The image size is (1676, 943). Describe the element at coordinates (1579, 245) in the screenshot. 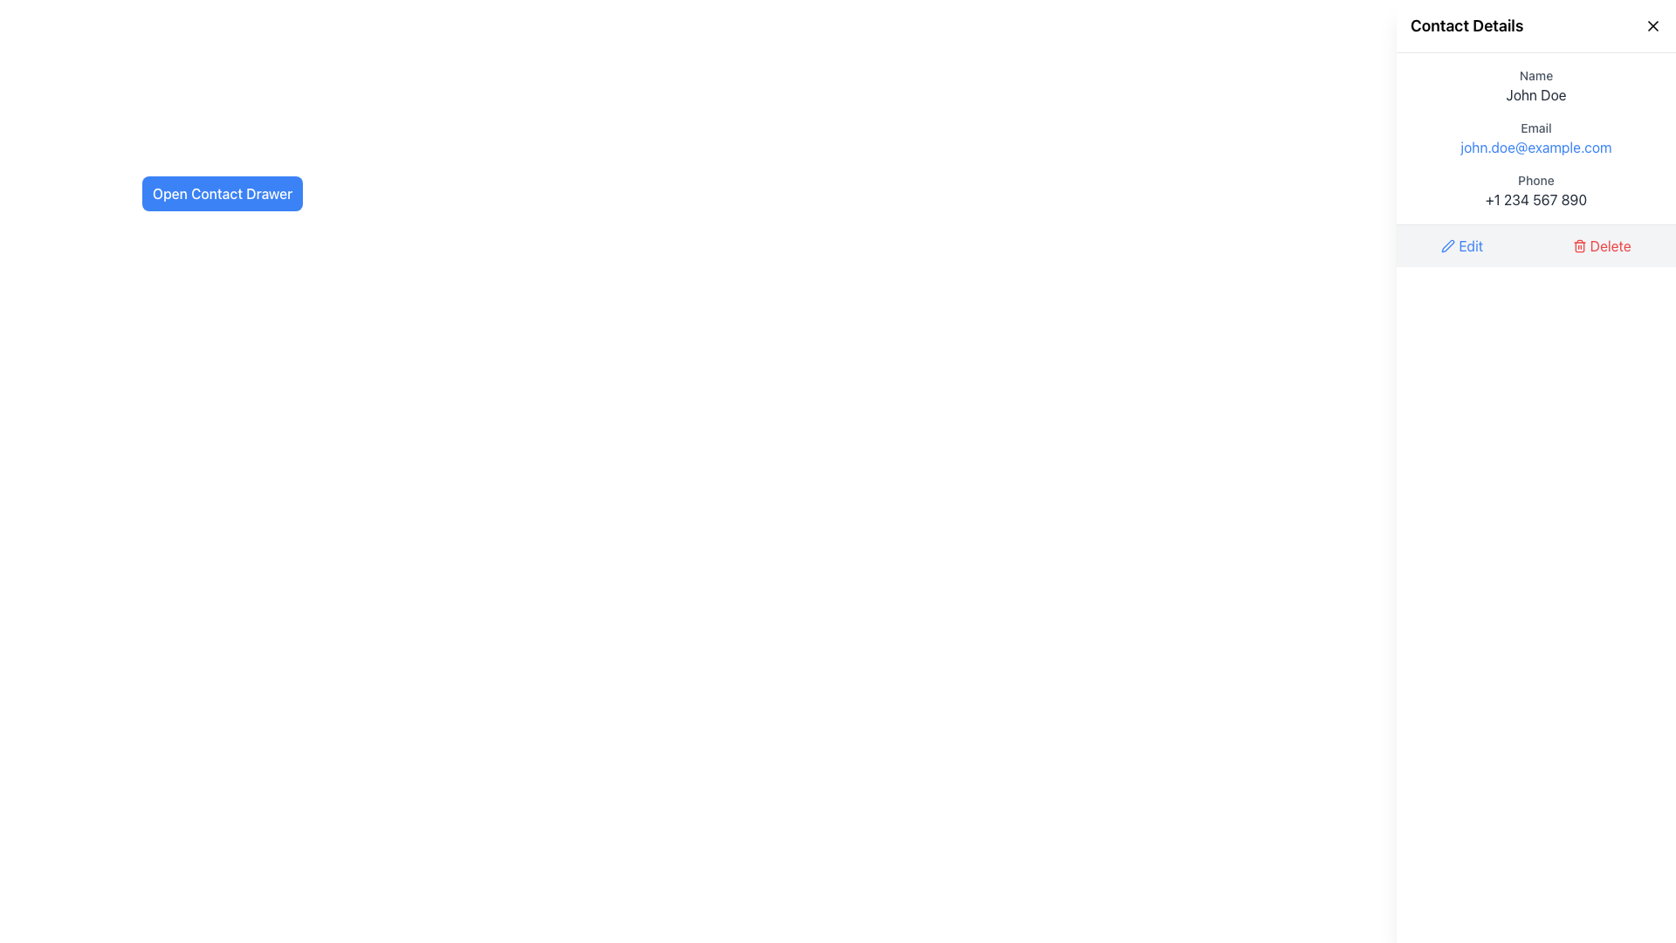

I see `the trash bin icon button located to the left of the 'Delete' label in the 'Contact Details' section` at that location.